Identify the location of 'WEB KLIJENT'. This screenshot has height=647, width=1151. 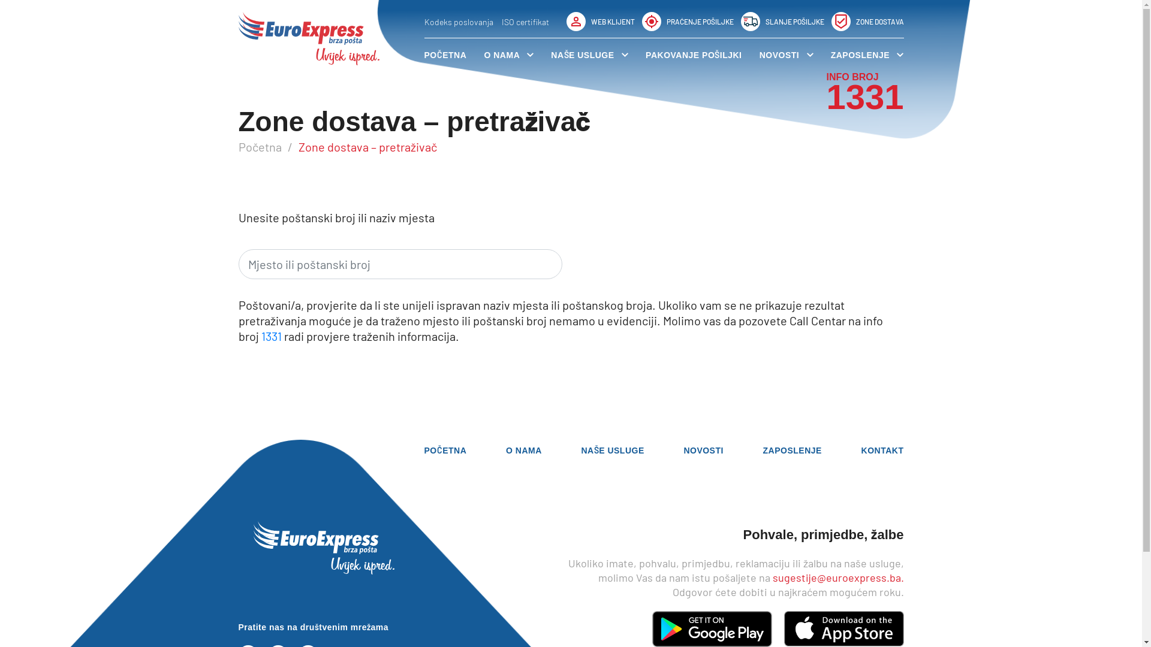
(600, 21).